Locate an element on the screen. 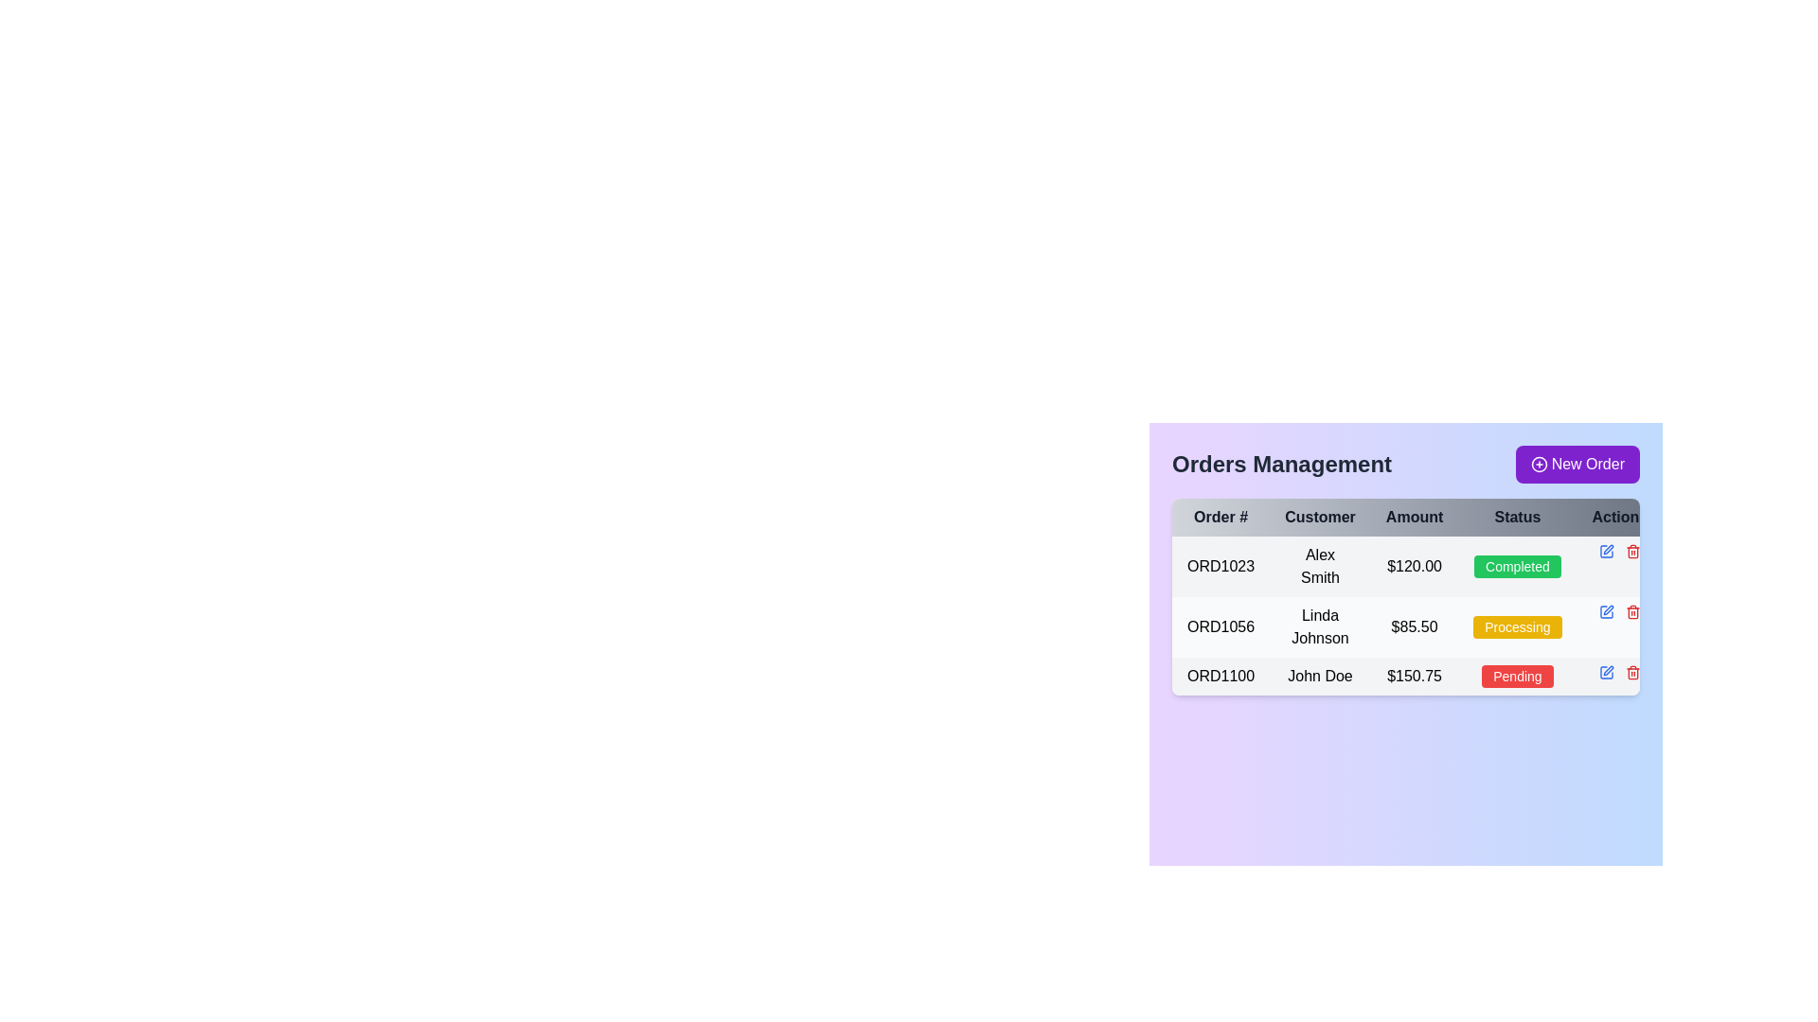 Image resolution: width=1818 pixels, height=1022 pixels. the static text element displaying the monetary amount for the order in the third row of the table under the 'Amount' column in the 'Orders Management' section is located at coordinates (1415, 675).